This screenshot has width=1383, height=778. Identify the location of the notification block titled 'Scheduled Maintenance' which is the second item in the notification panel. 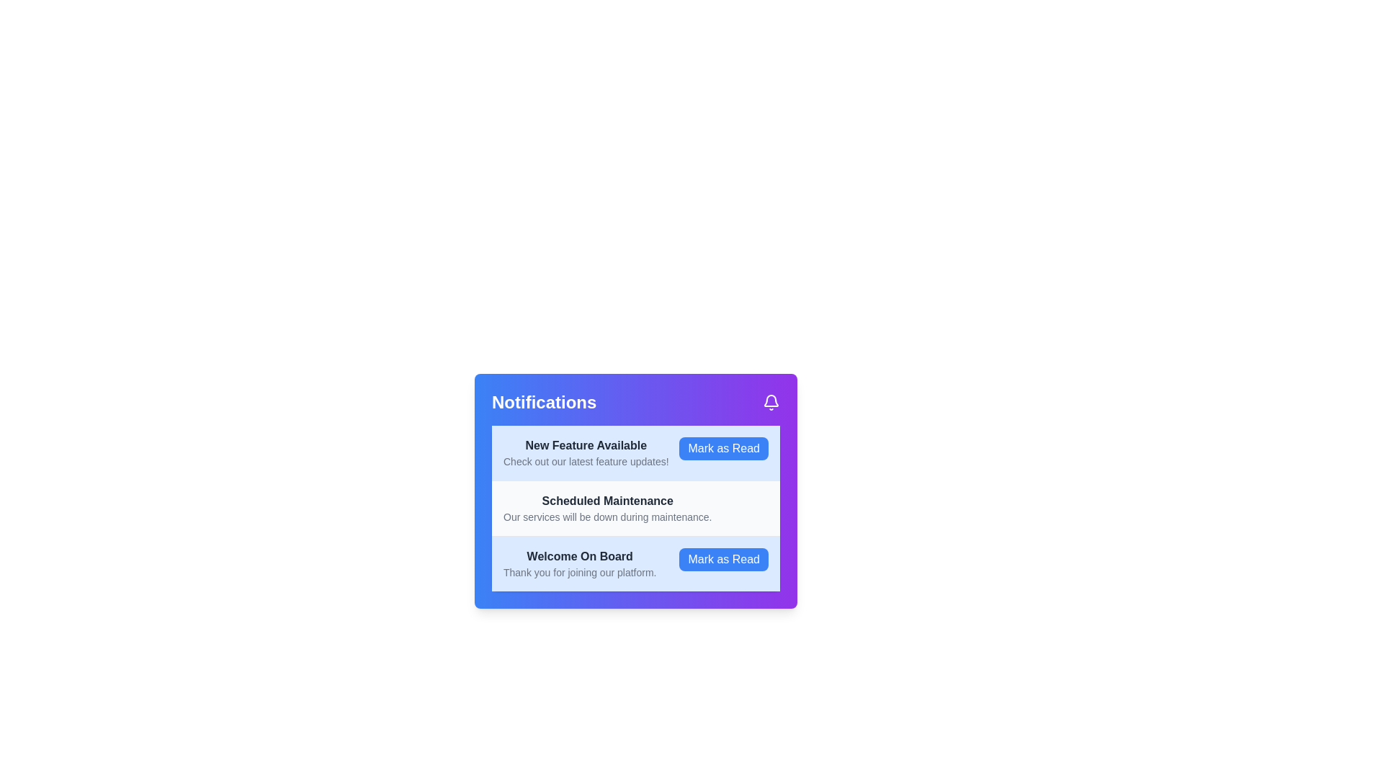
(635, 507).